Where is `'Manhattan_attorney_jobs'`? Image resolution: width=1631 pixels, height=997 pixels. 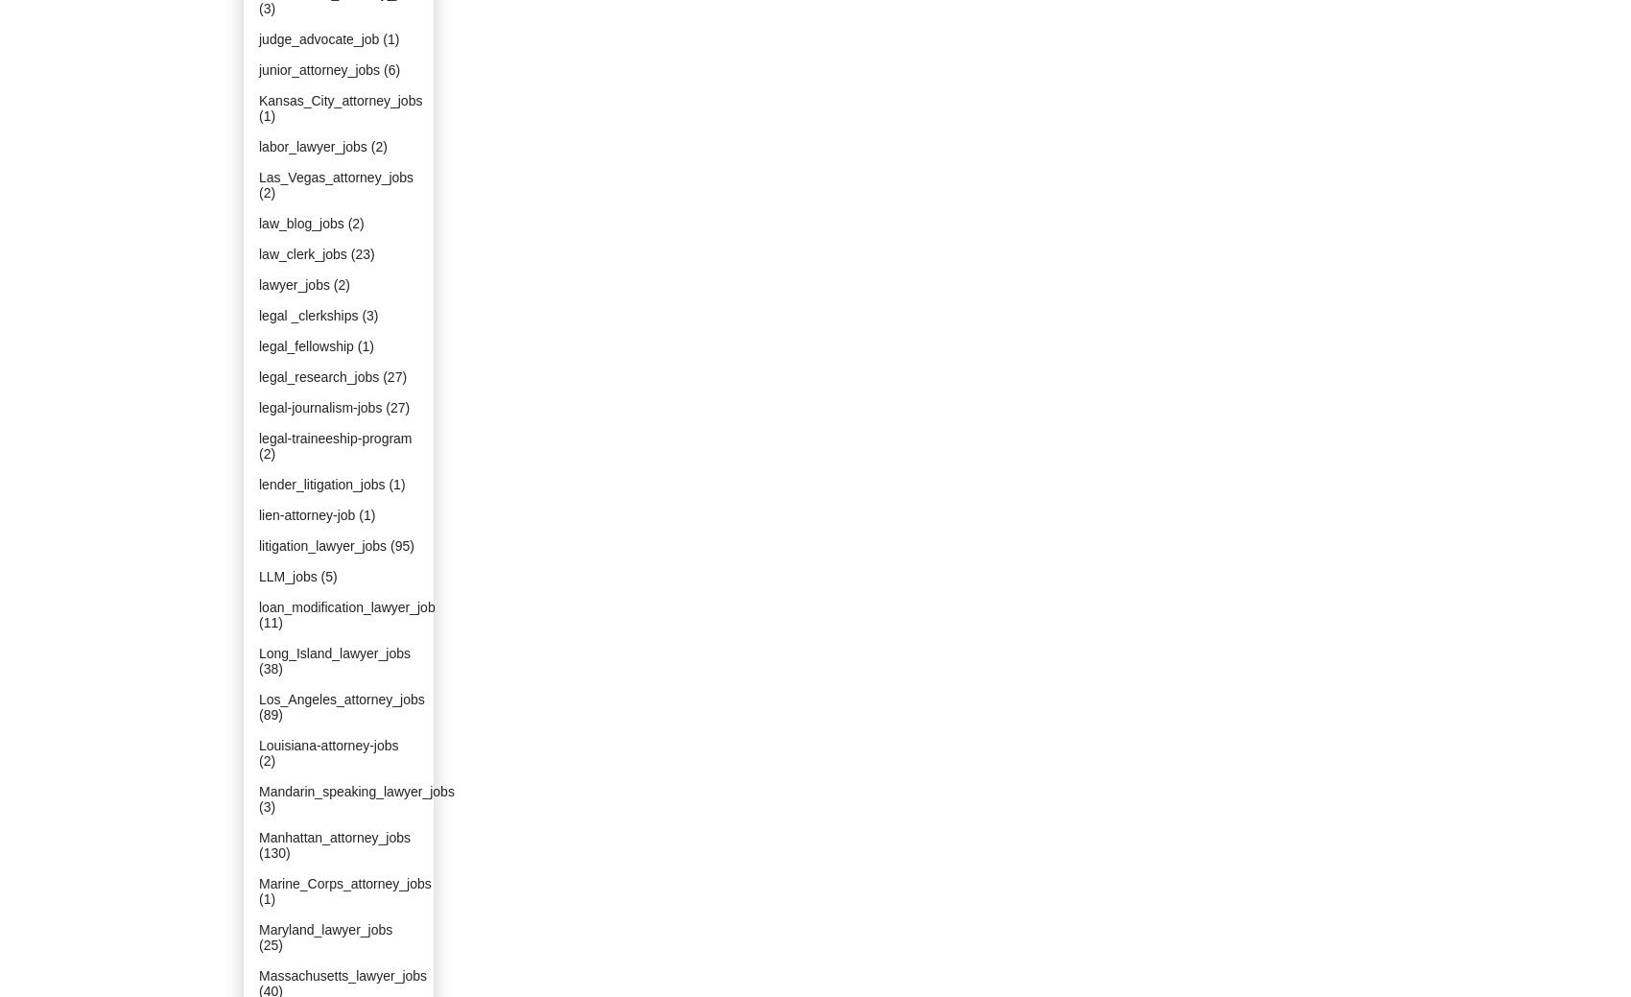 'Manhattan_attorney_jobs' is located at coordinates (334, 837).